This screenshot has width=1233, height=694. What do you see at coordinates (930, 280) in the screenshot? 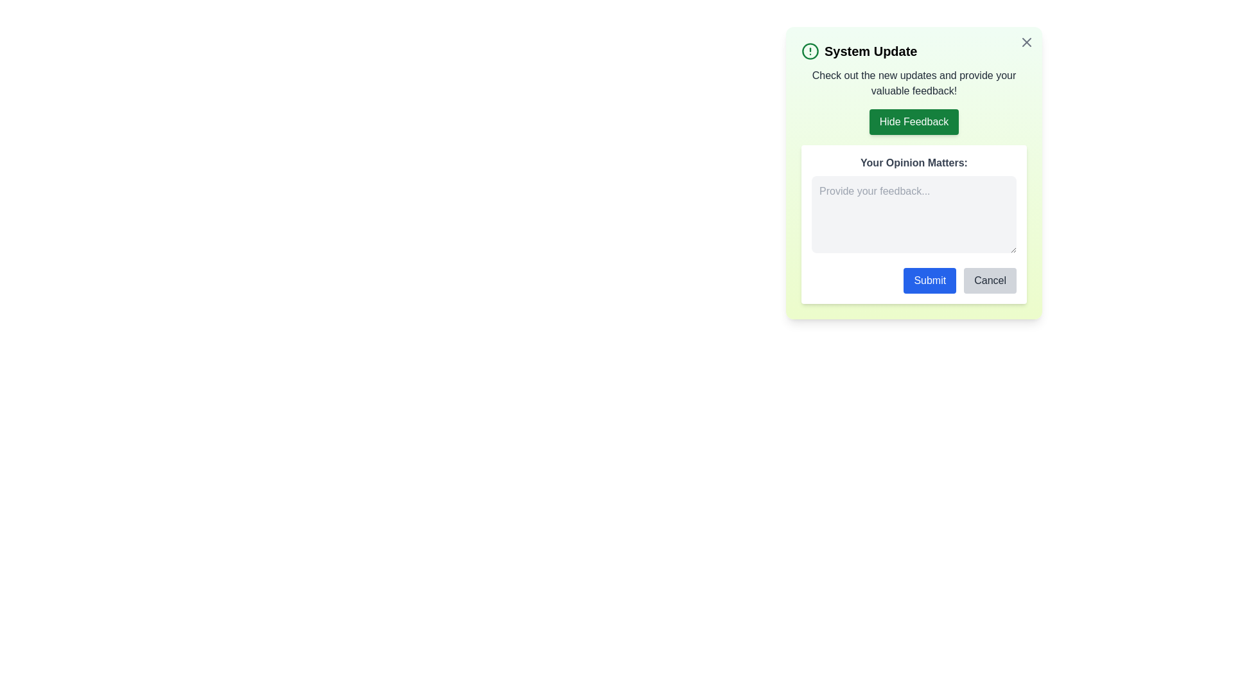
I see `the 'Submit' button to submit feedback` at bounding box center [930, 280].